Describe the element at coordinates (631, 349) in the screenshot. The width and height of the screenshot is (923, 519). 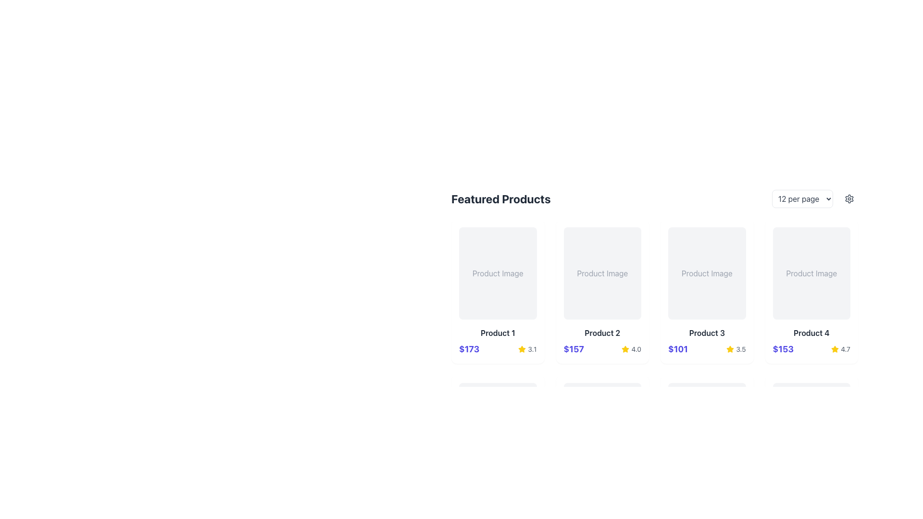
I see `the Rating Display with Icon and Text for 'Product 2', which shows a yellow star icon and the rating '4.0'` at that location.